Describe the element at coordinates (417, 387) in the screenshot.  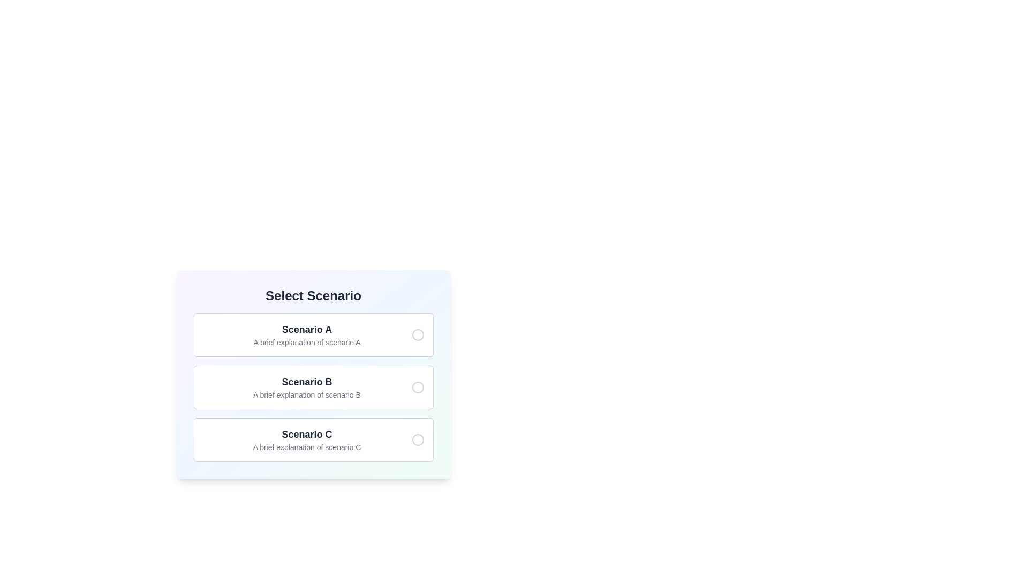
I see `the central circular component of the 'Scenario B' option in the scenario list, which serves as a decorative or interactive marker` at that location.